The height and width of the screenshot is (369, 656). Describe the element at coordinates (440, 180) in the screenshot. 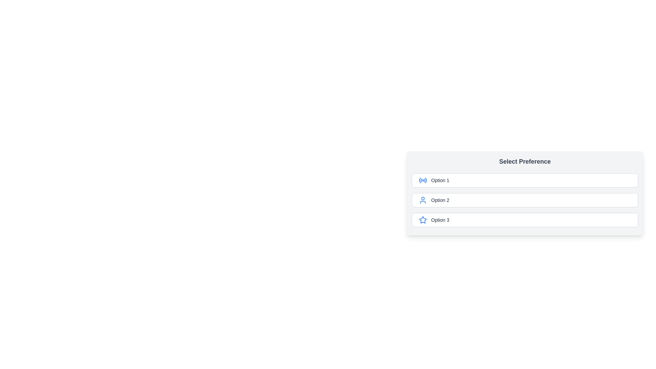

I see `the TextLabel that indicates the label of a selectable option in the vertical selection list located in the center-right area of the interface` at that location.